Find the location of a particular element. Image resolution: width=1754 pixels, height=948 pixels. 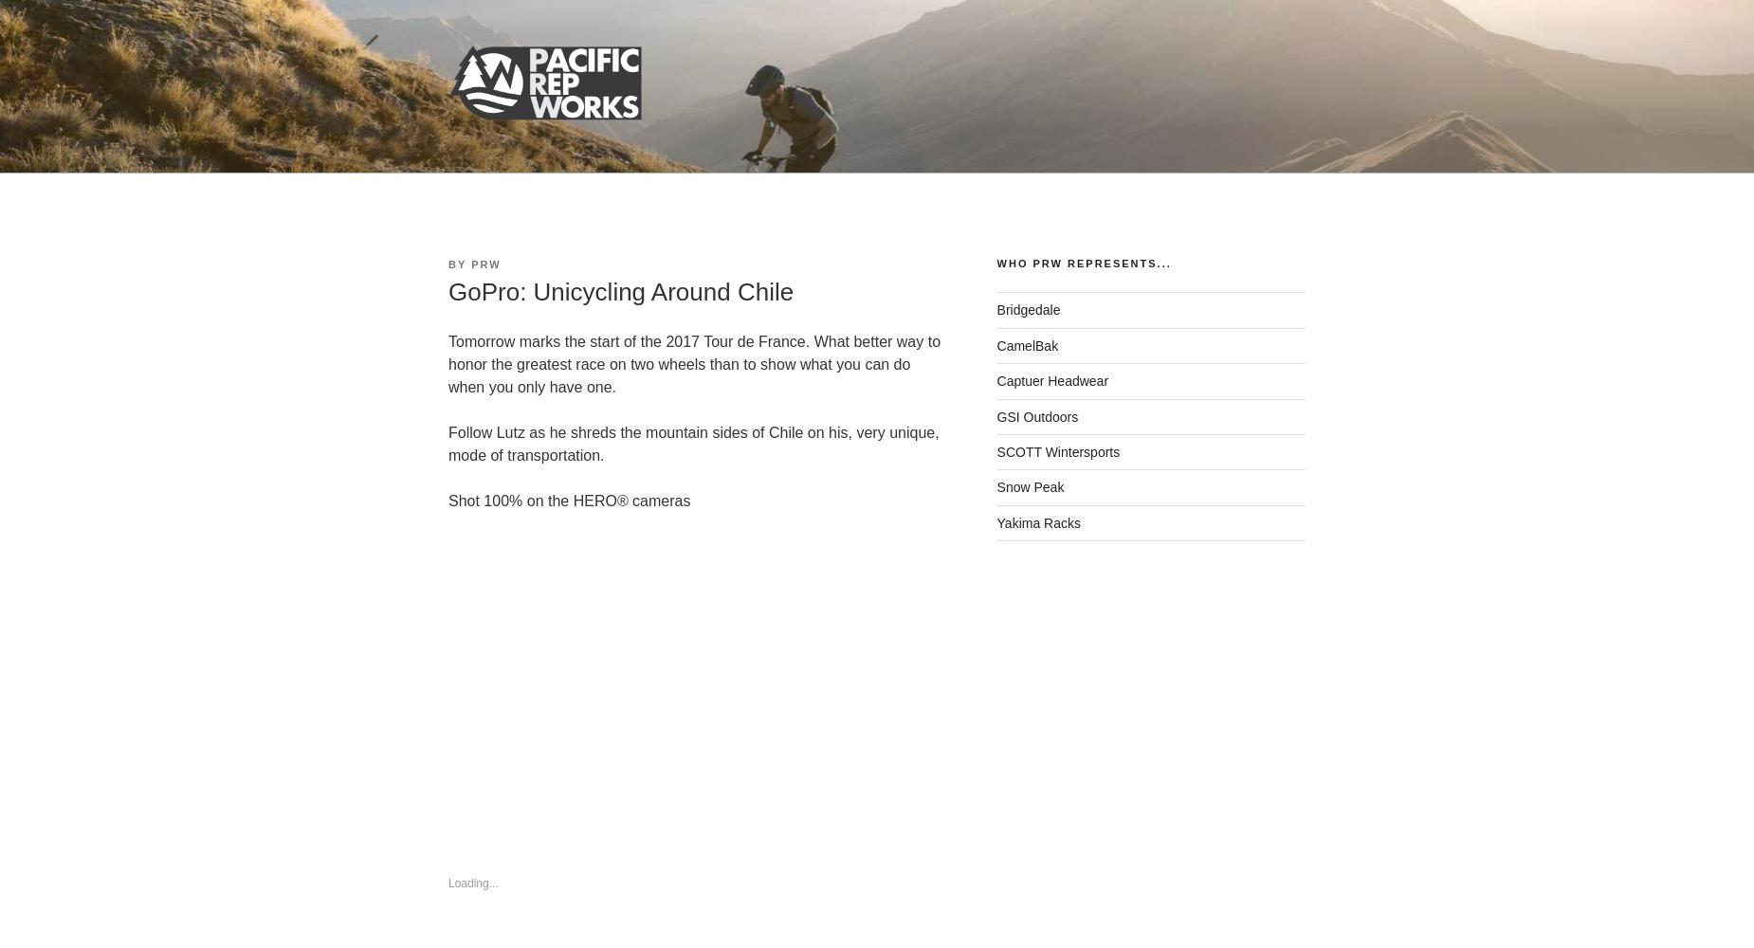

'Shot 100% on the HERO® cameras' is located at coordinates (569, 501).